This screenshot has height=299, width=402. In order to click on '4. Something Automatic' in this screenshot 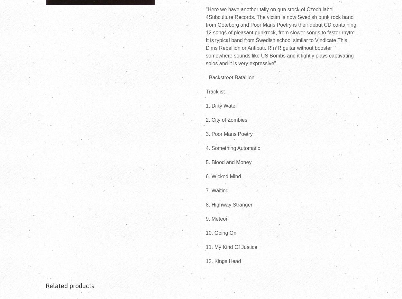, I will do `click(233, 148)`.